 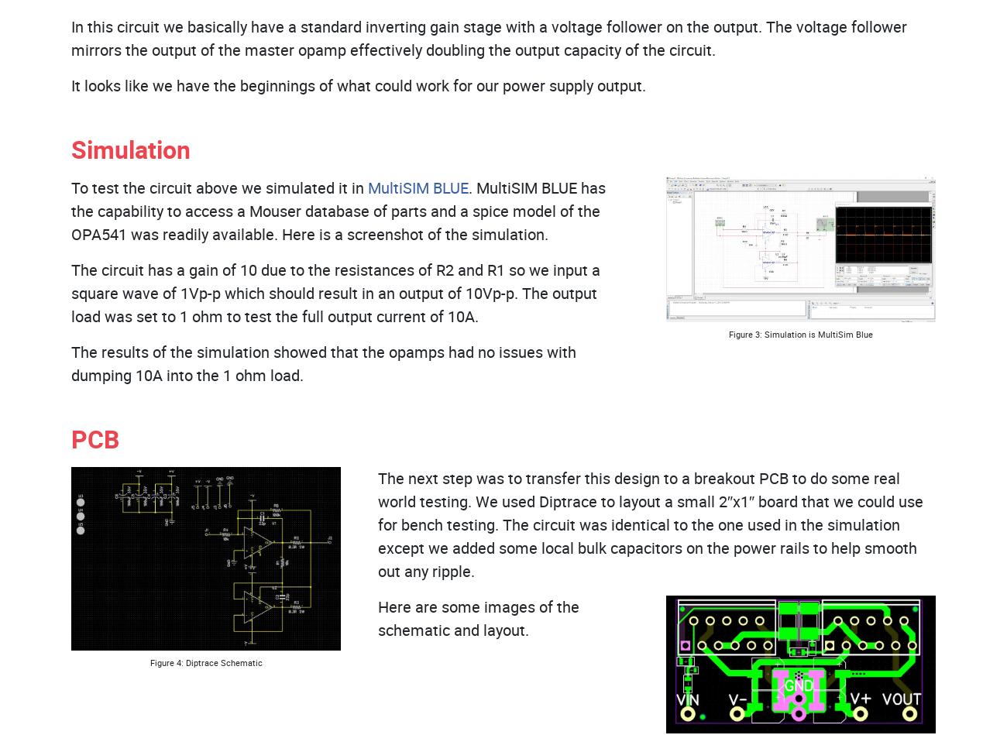 I want to click on 'Houston, TX 77041', so click(x=655, y=273).